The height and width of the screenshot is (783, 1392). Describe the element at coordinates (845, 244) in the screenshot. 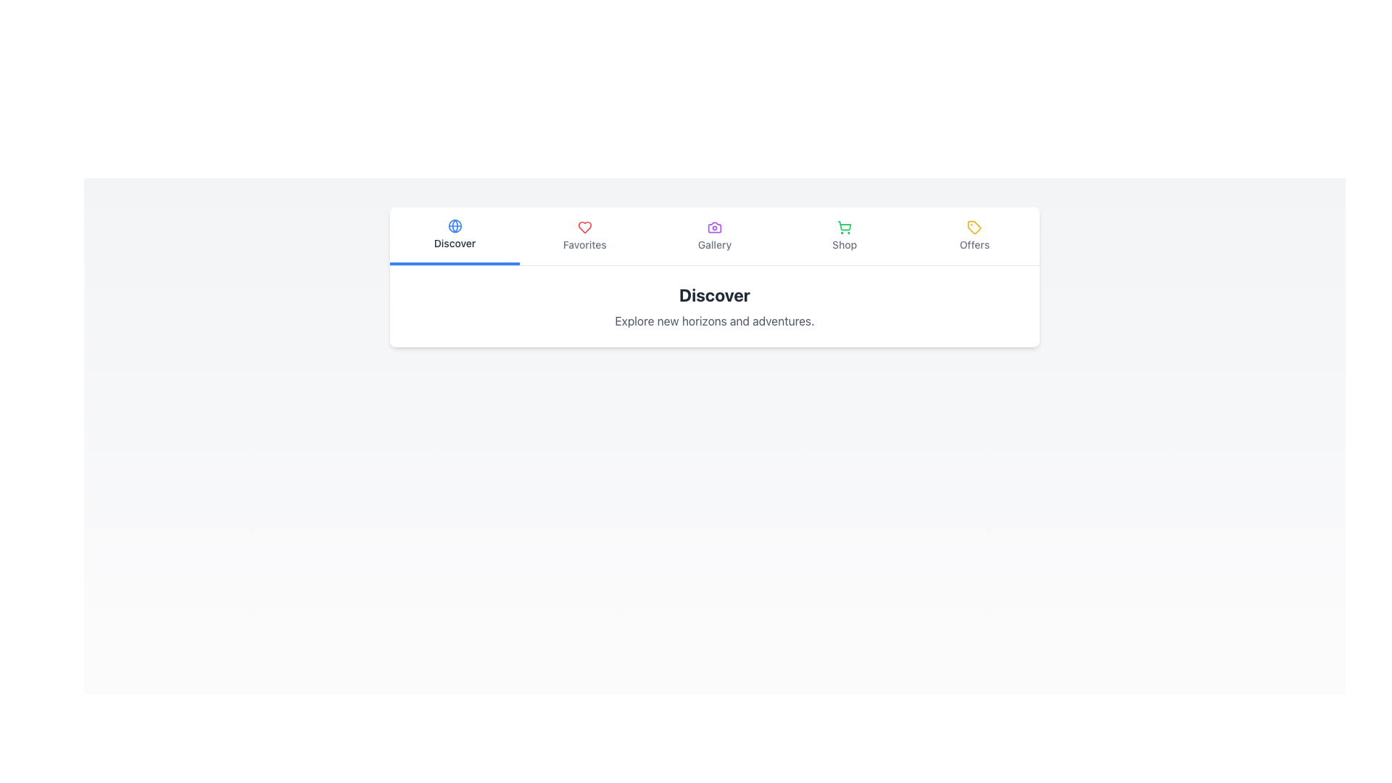

I see `the 'Shop' static text label in the navigation bar, which is located under the shopping cart icon` at that location.